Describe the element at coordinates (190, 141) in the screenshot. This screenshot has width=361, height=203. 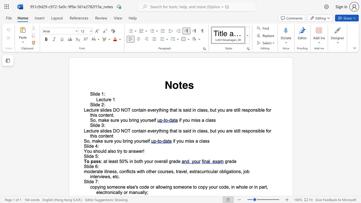
I see `the space between the continuous character "i" and "s" in the text` at that location.